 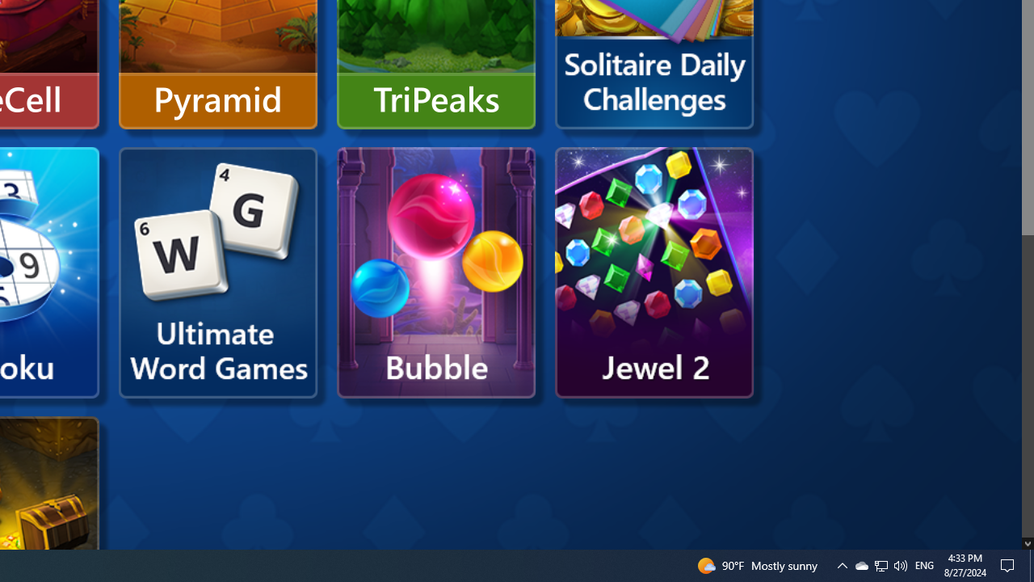 I want to click on 'Microsoft Jewel 2', so click(x=654, y=272).